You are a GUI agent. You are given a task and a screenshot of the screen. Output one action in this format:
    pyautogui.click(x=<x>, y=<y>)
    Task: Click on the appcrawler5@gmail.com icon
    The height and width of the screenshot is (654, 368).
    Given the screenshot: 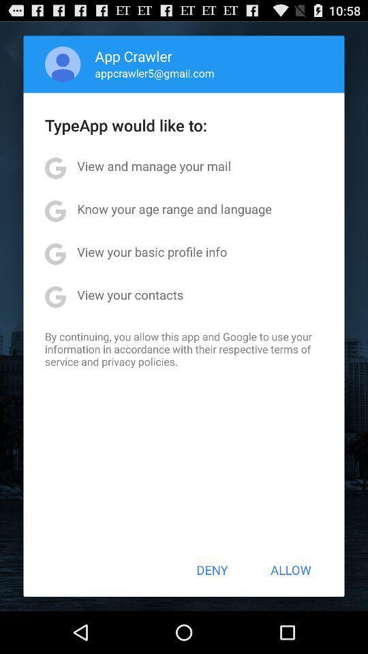 What is the action you would take?
    pyautogui.click(x=154, y=73)
    